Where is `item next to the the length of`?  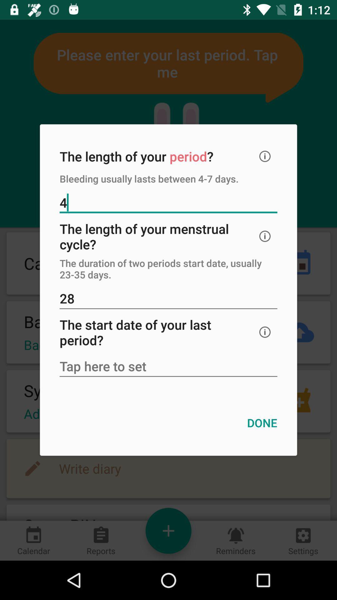
item next to the the length of is located at coordinates (265, 156).